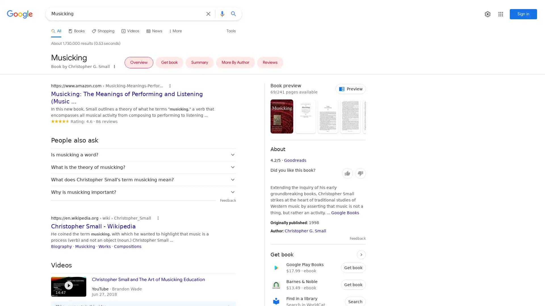 This screenshot has width=545, height=306. Describe the element at coordinates (158, 217) in the screenshot. I see `About this Result` at that location.